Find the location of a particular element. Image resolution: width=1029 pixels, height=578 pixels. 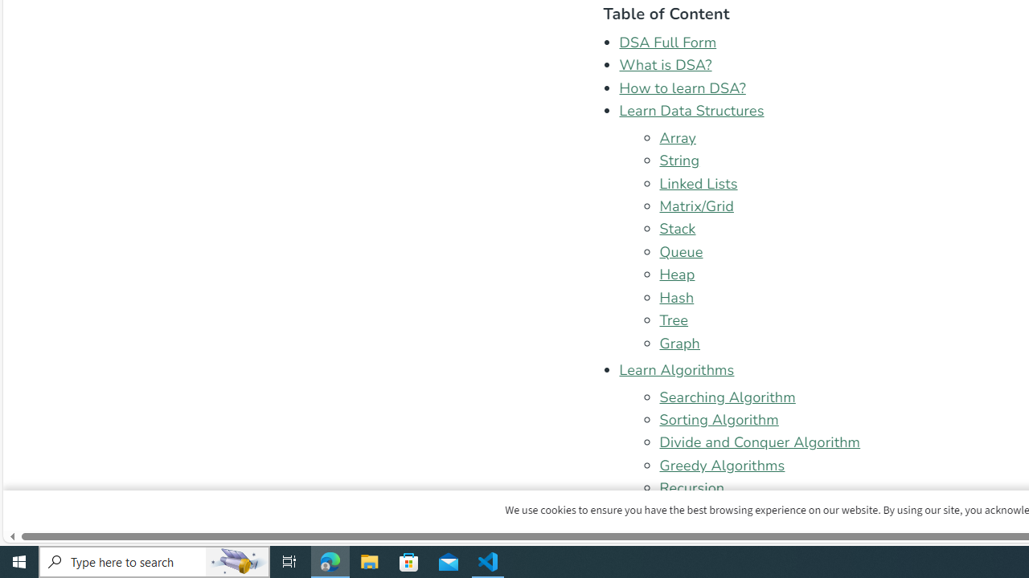

'Stack' is located at coordinates (678, 229).